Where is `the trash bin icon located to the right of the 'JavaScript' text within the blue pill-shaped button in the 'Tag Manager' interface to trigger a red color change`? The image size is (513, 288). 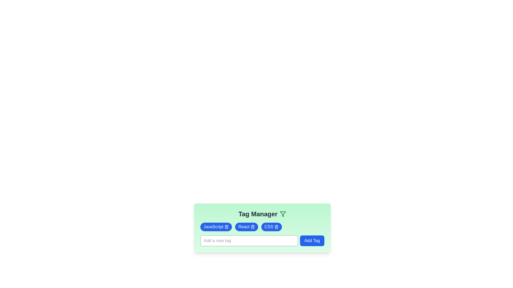 the trash bin icon located to the right of the 'JavaScript' text within the blue pill-shaped button in the 'Tag Manager' interface to trigger a red color change is located at coordinates (227, 227).